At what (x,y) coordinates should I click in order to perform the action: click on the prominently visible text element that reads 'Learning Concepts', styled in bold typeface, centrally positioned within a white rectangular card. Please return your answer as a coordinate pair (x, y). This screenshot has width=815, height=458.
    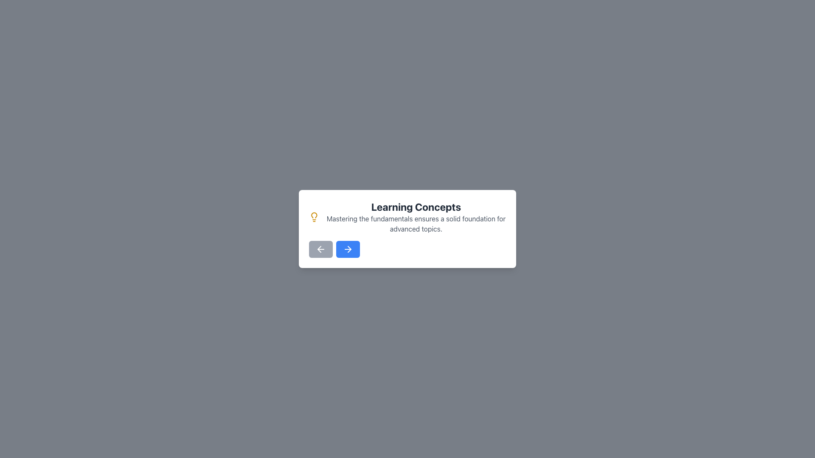
    Looking at the image, I should click on (416, 207).